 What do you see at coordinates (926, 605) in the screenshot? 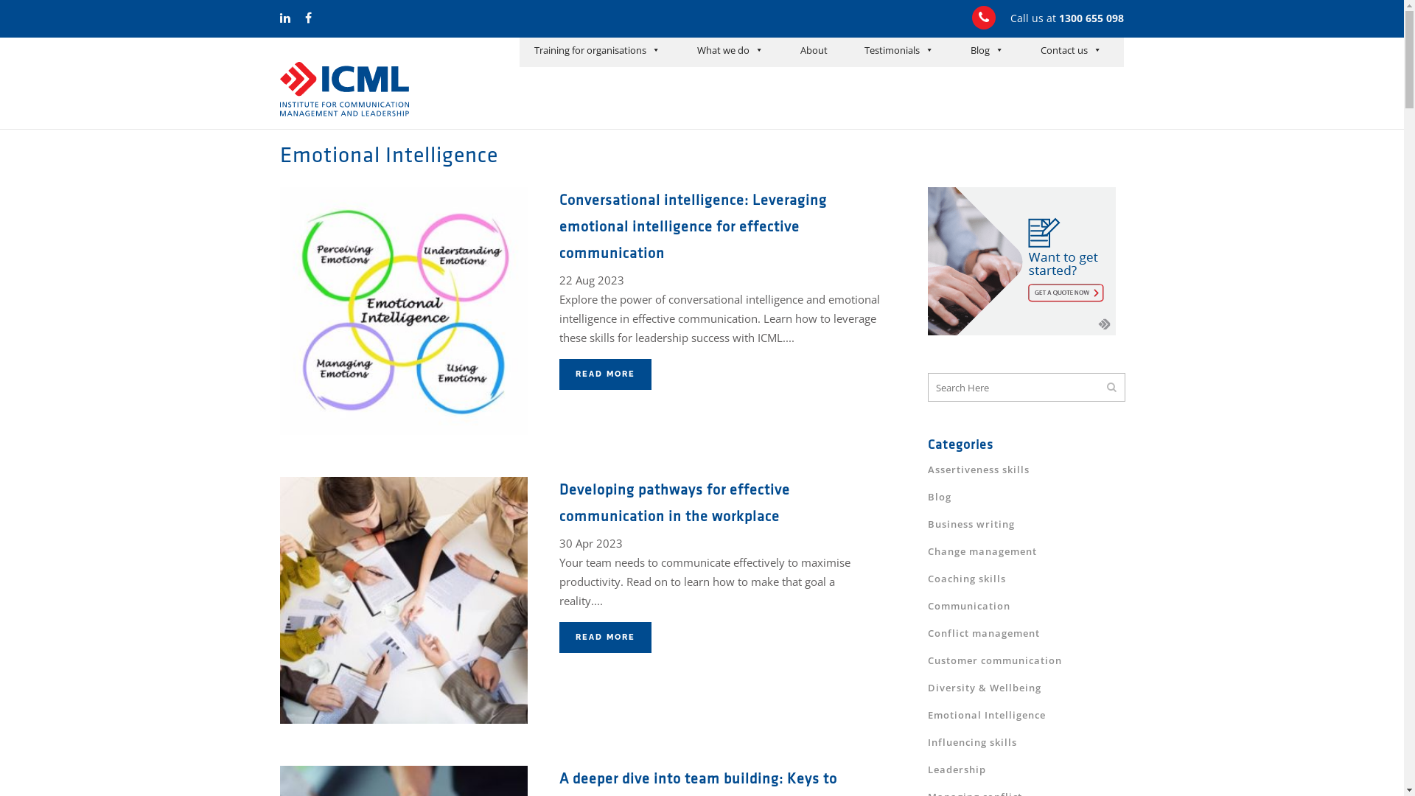
I see `'Communication'` at bounding box center [926, 605].